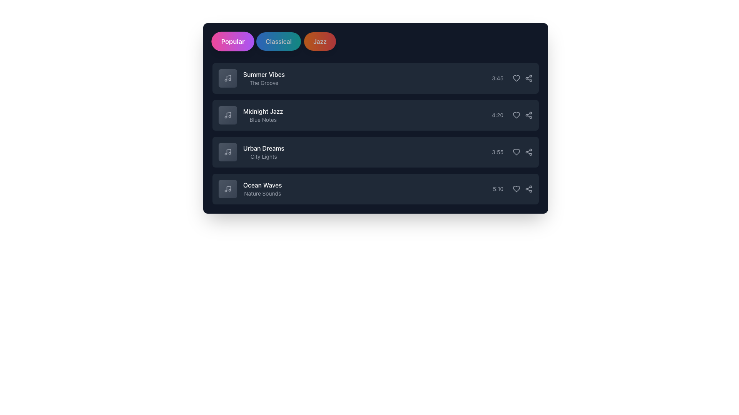 The width and height of the screenshot is (739, 415). What do you see at coordinates (262, 189) in the screenshot?
I see `the text block displaying 'Ocean Waves' and 'Nature Sounds', which is the fourth item in a vertically stacked list, located between a music icon and track action buttons` at bounding box center [262, 189].